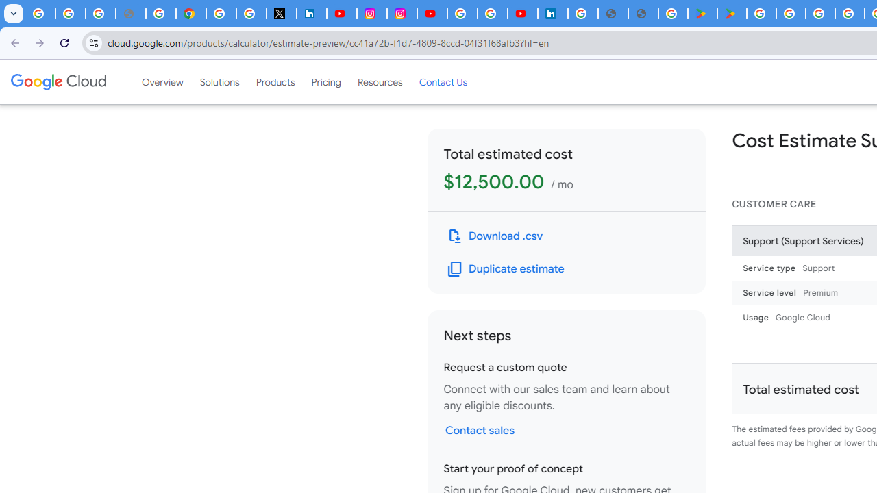 The image size is (877, 493). What do you see at coordinates (731, 14) in the screenshot?
I see `'PAW Patrol Rescue World - Apps on Google Play'` at bounding box center [731, 14].